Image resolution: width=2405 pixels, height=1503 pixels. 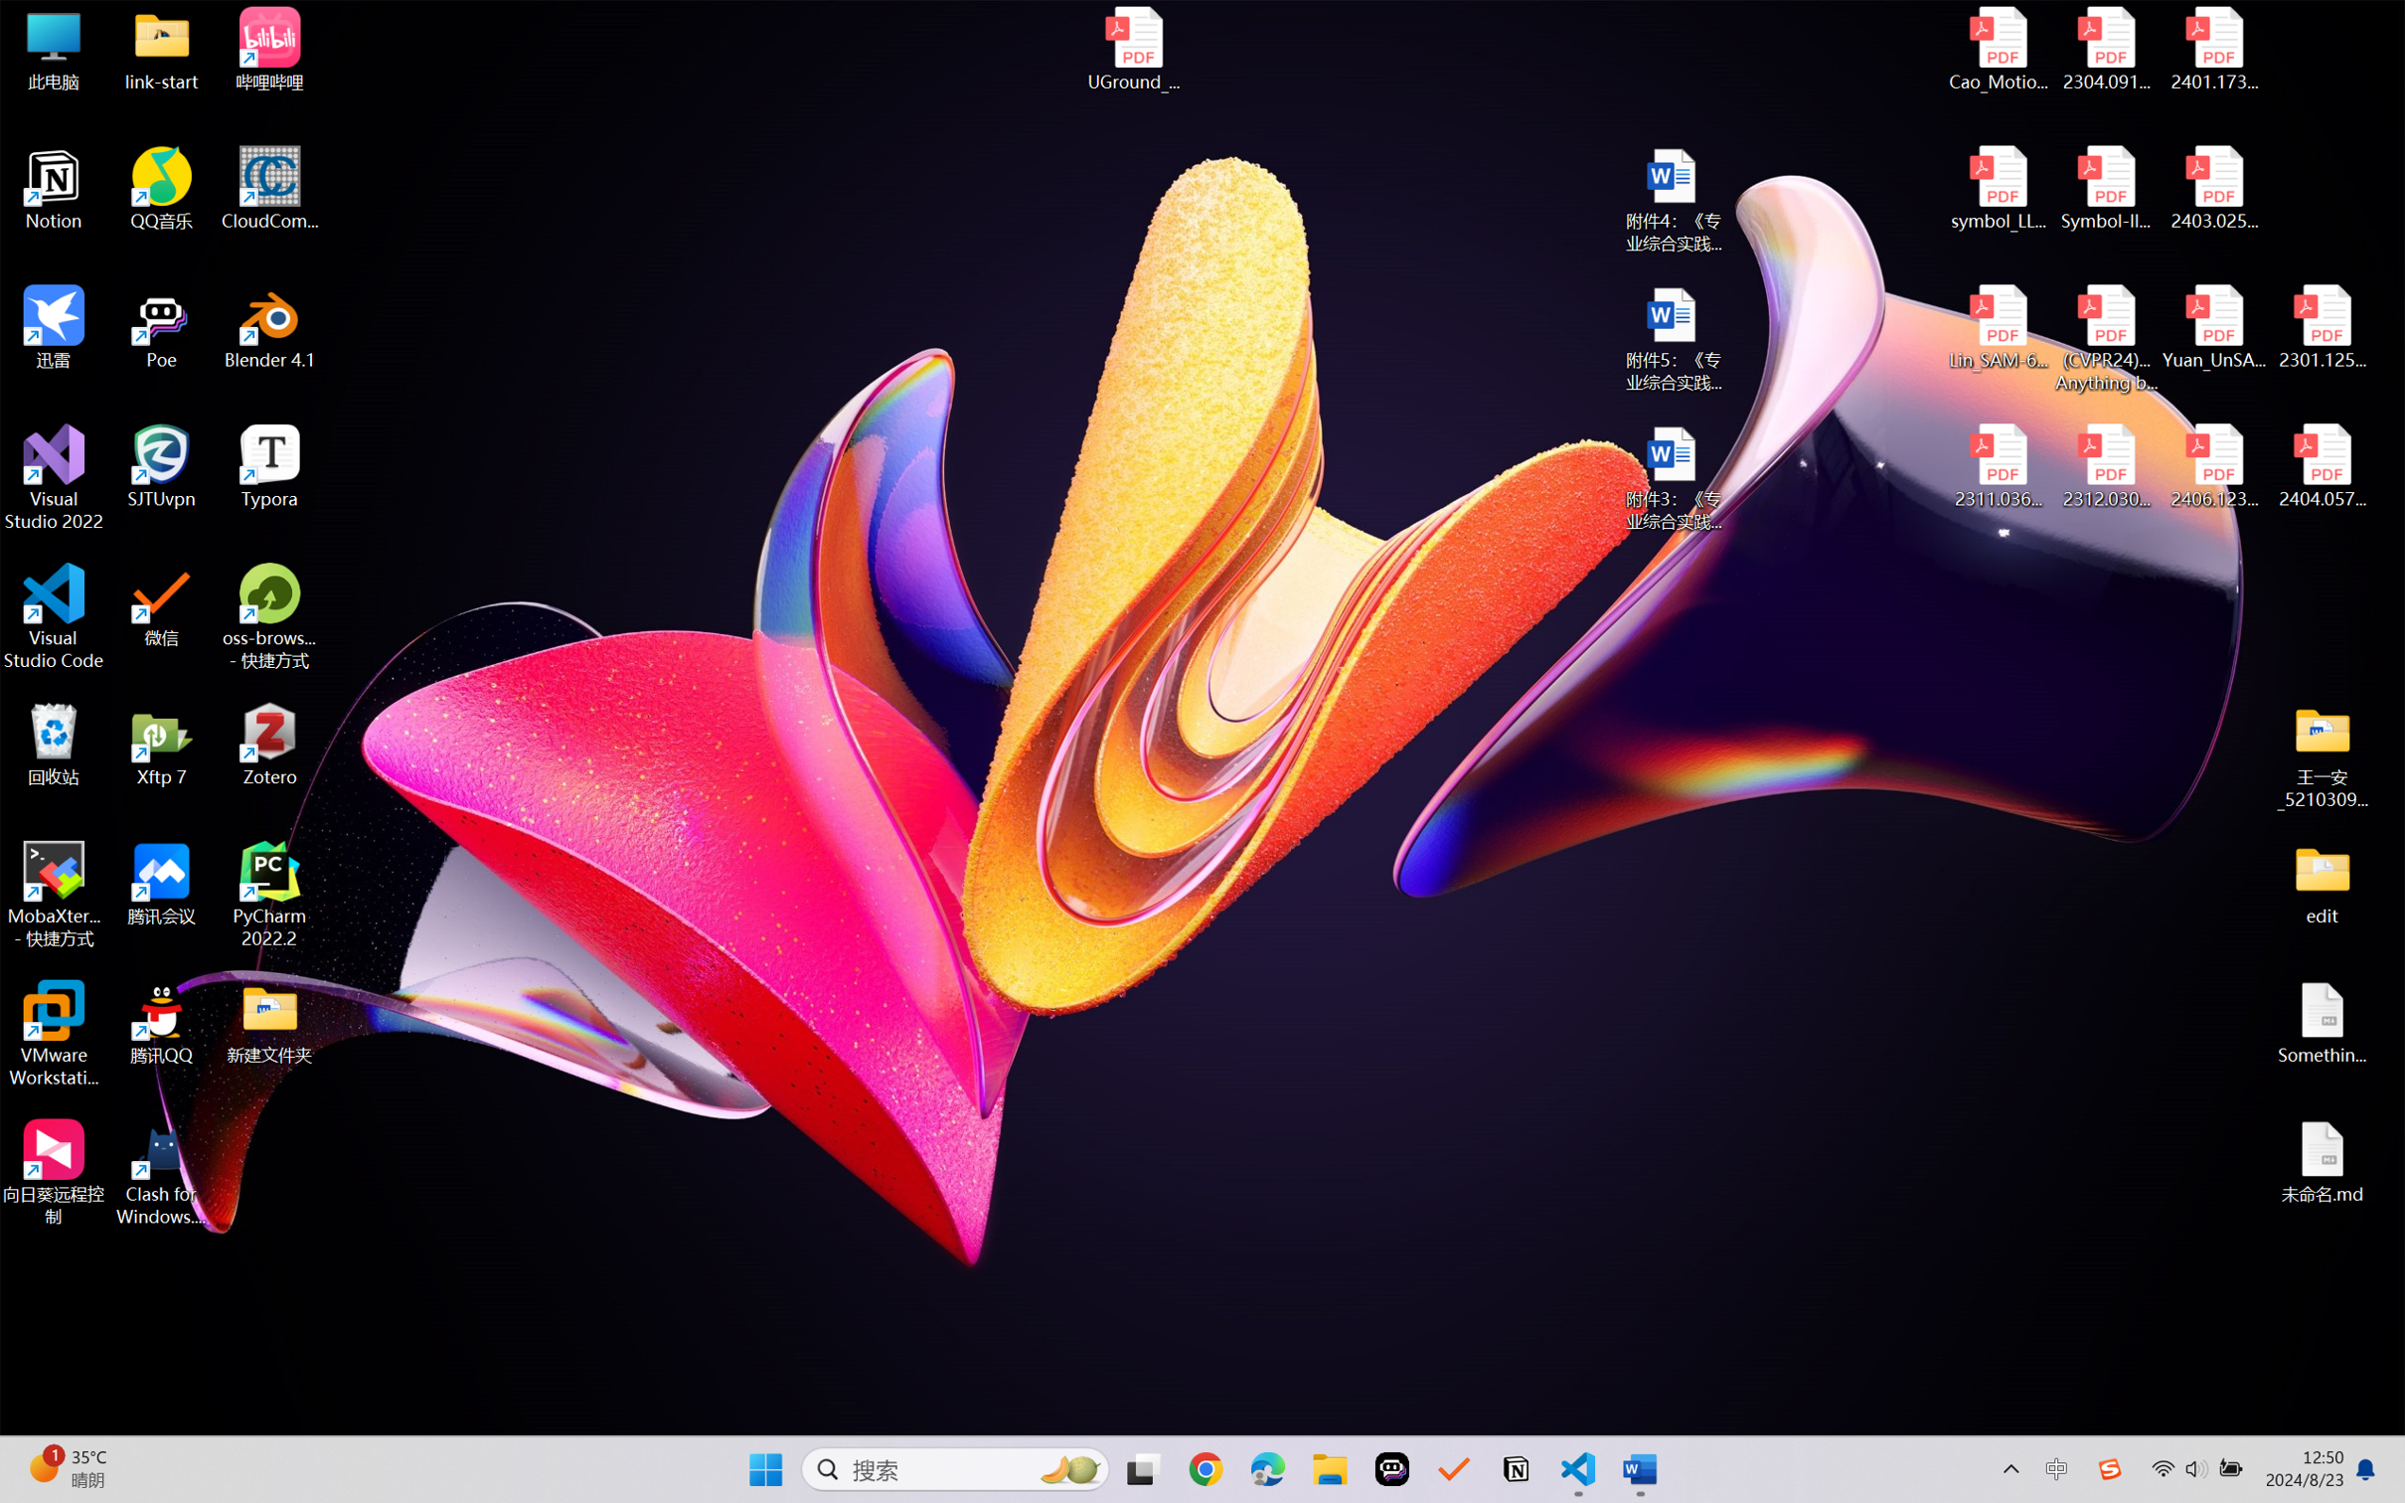 I want to click on 'CloudCompare', so click(x=269, y=189).